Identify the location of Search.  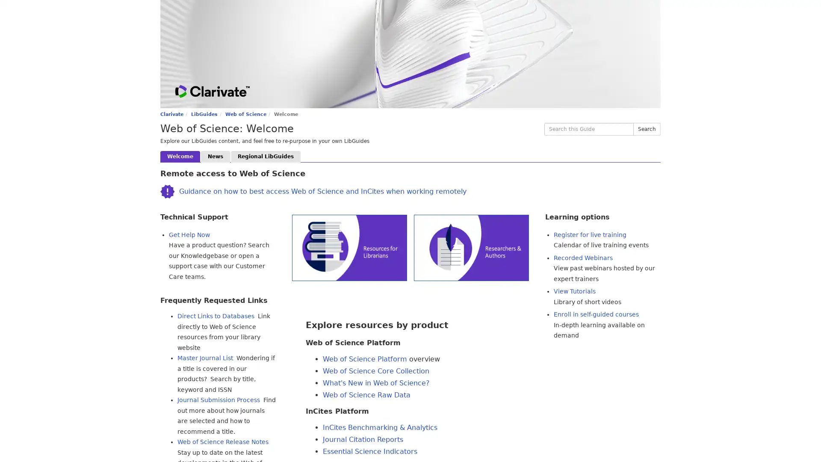
(647, 129).